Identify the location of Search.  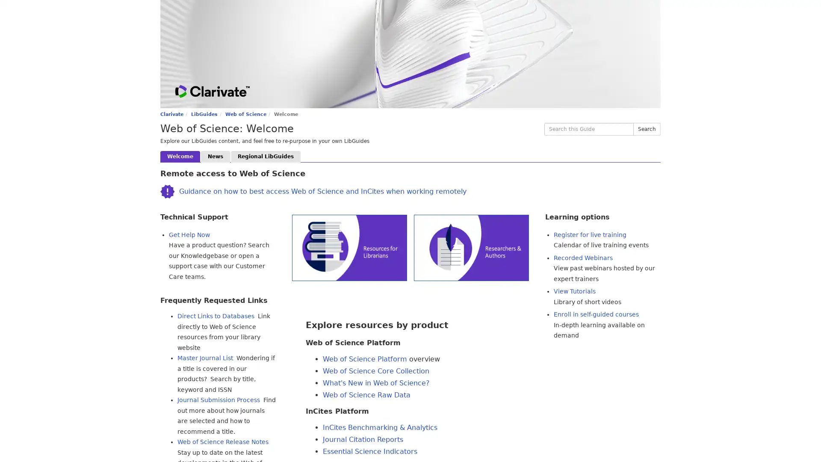
(647, 129).